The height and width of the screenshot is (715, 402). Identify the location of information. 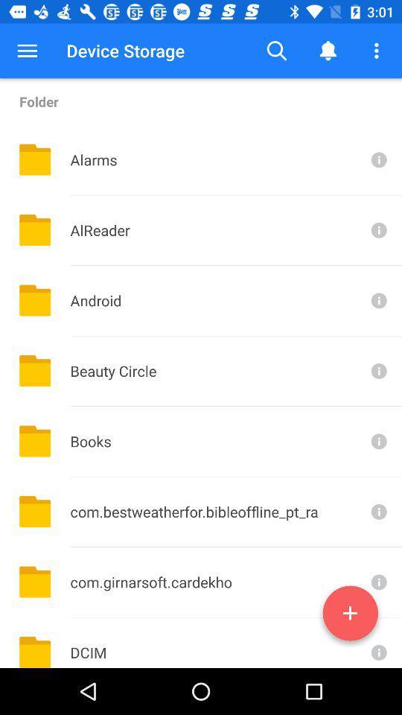
(377, 582).